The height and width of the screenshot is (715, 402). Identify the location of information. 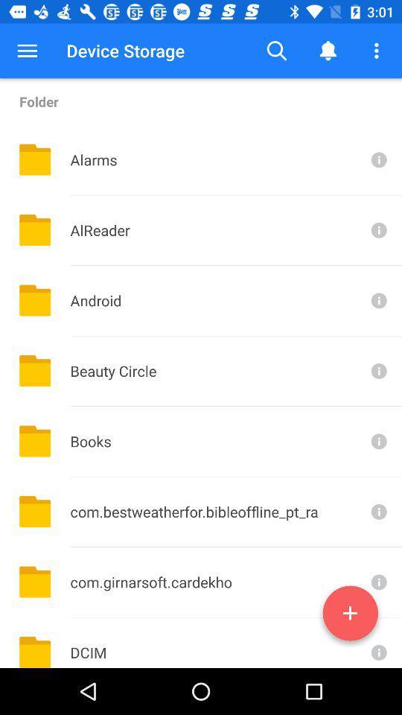
(377, 582).